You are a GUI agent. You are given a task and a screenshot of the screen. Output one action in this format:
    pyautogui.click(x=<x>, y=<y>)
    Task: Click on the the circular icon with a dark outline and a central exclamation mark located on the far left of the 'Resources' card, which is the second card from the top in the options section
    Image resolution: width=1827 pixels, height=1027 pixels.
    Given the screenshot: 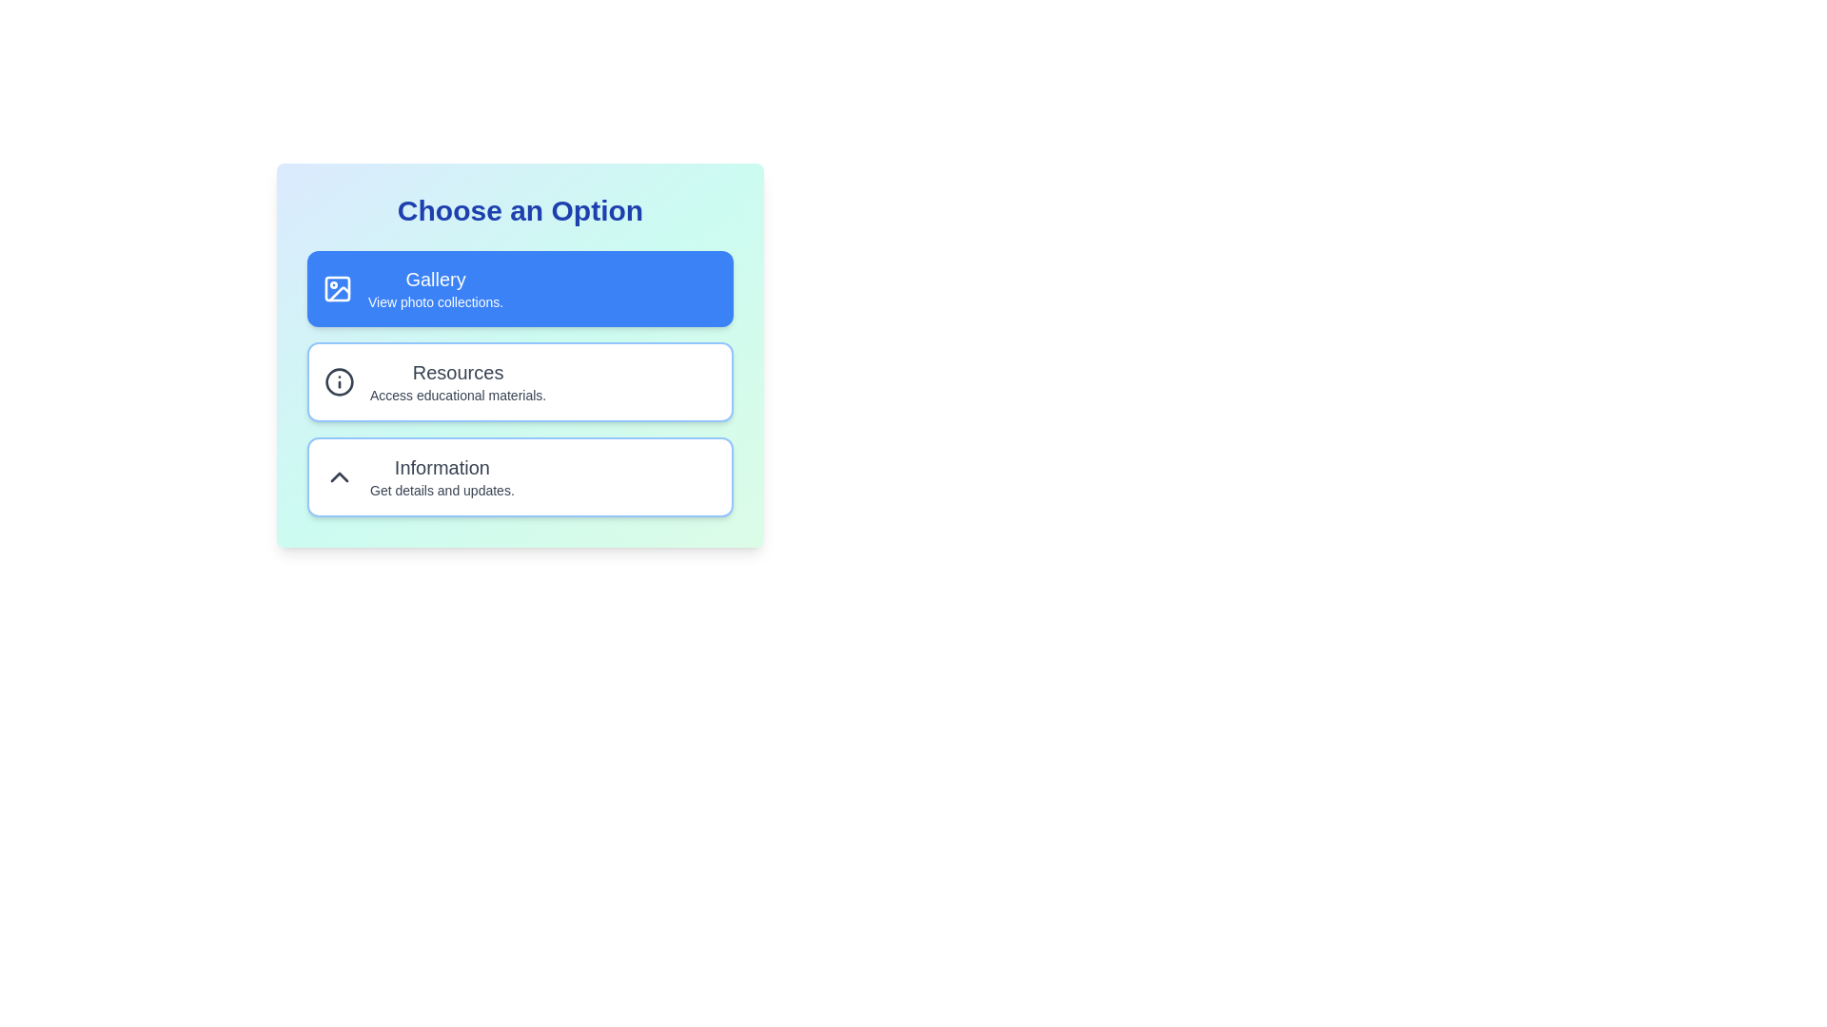 What is the action you would take?
    pyautogui.click(x=339, y=381)
    